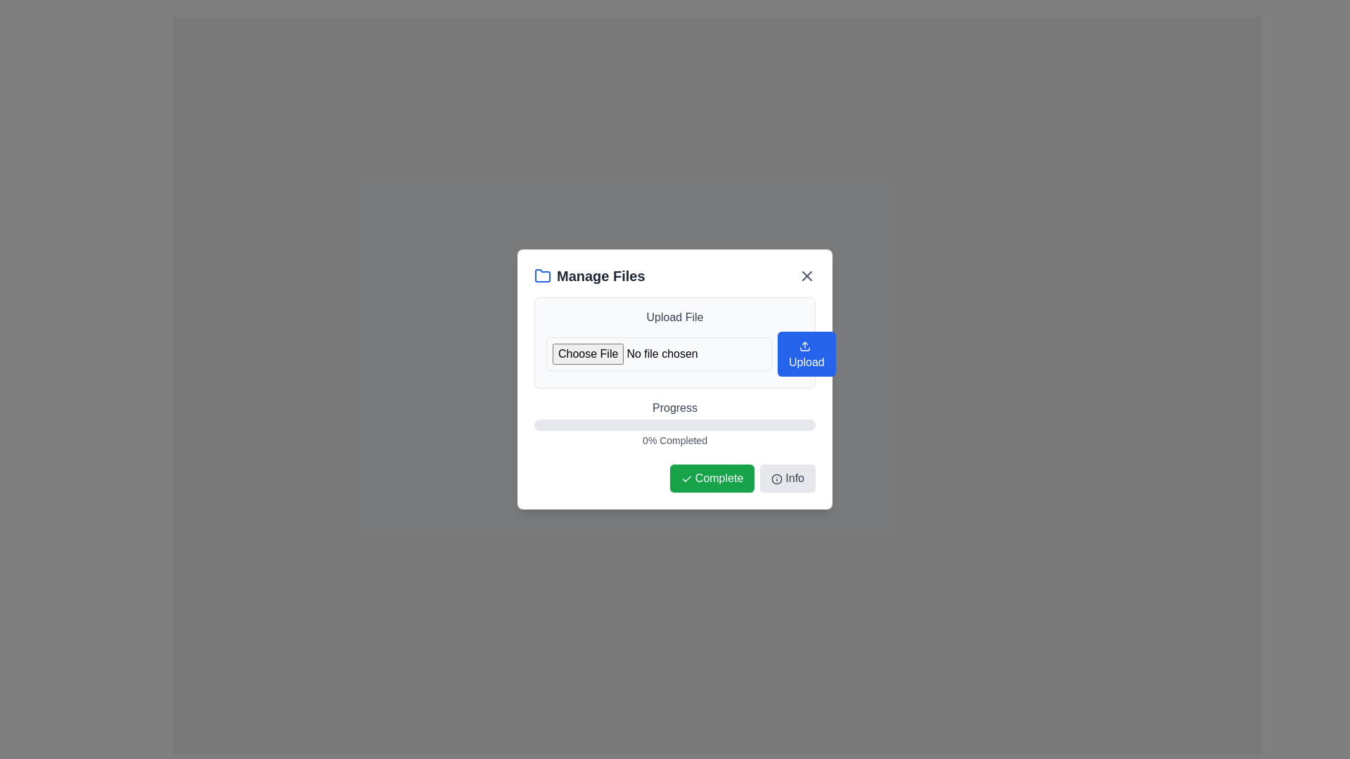  I want to click on the 'Manage Files' text label, which is a bold and large font styled text prominently positioned at the top of a modal window, adjacent to a folder icon, so click(600, 276).